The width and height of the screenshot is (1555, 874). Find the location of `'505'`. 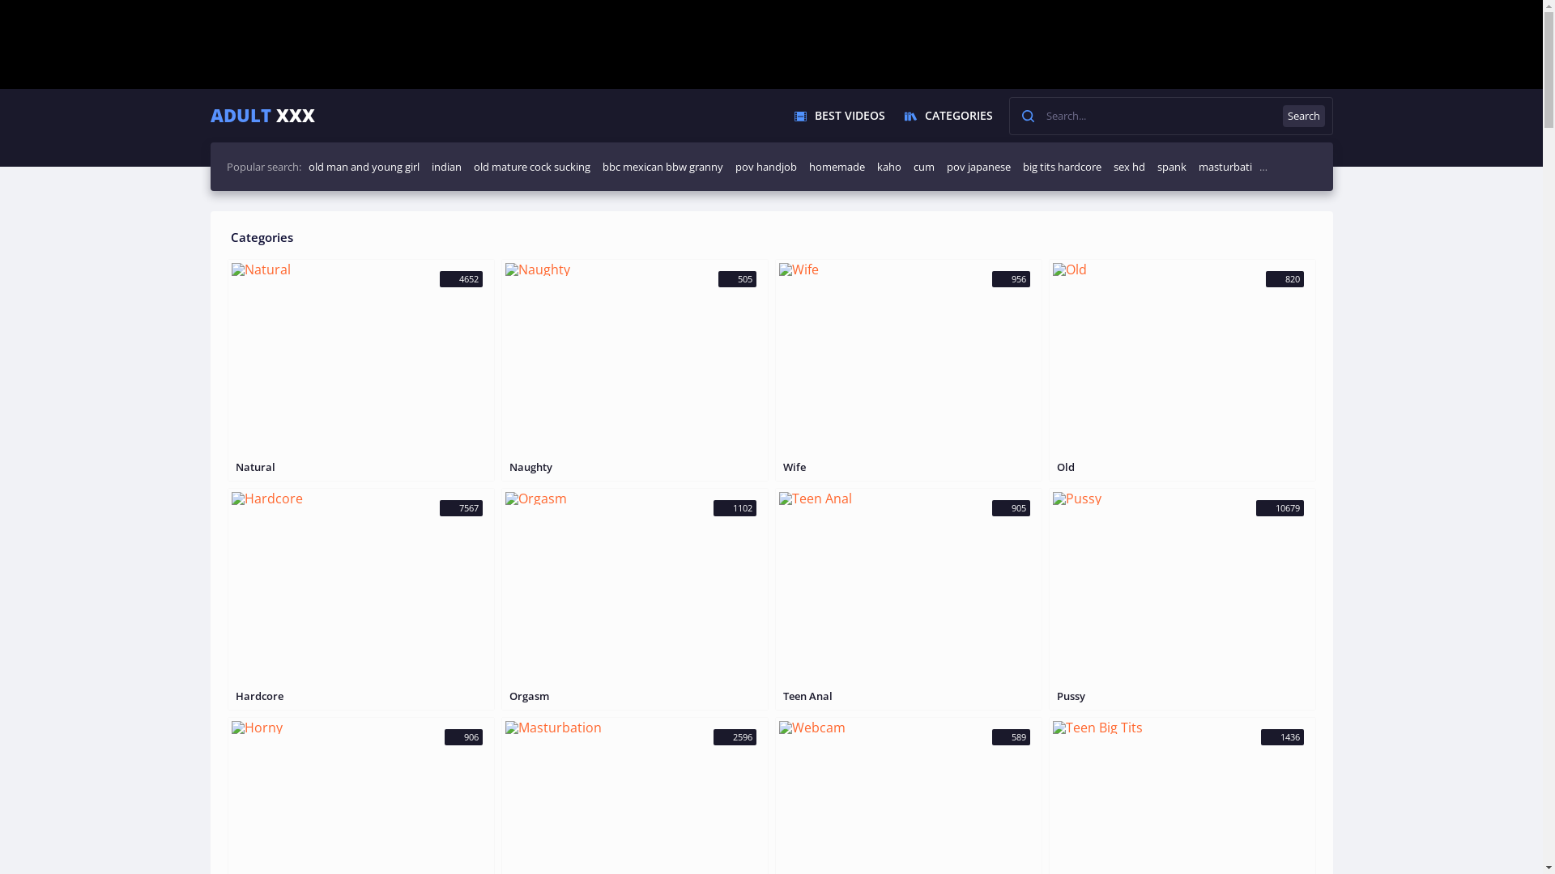

'505' is located at coordinates (633, 359).